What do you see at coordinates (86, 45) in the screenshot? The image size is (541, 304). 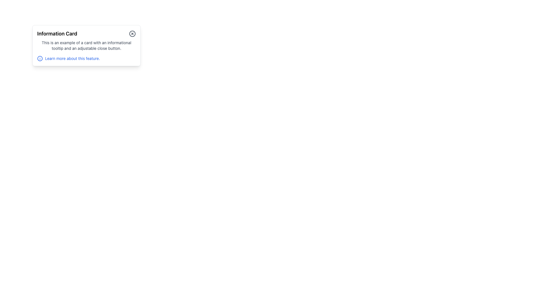 I see `text displayed in the paragraph with a gray appearance, which contains the sentence 'This is an example of a card with an informational tooltip and an adjustable close button.'` at bounding box center [86, 45].